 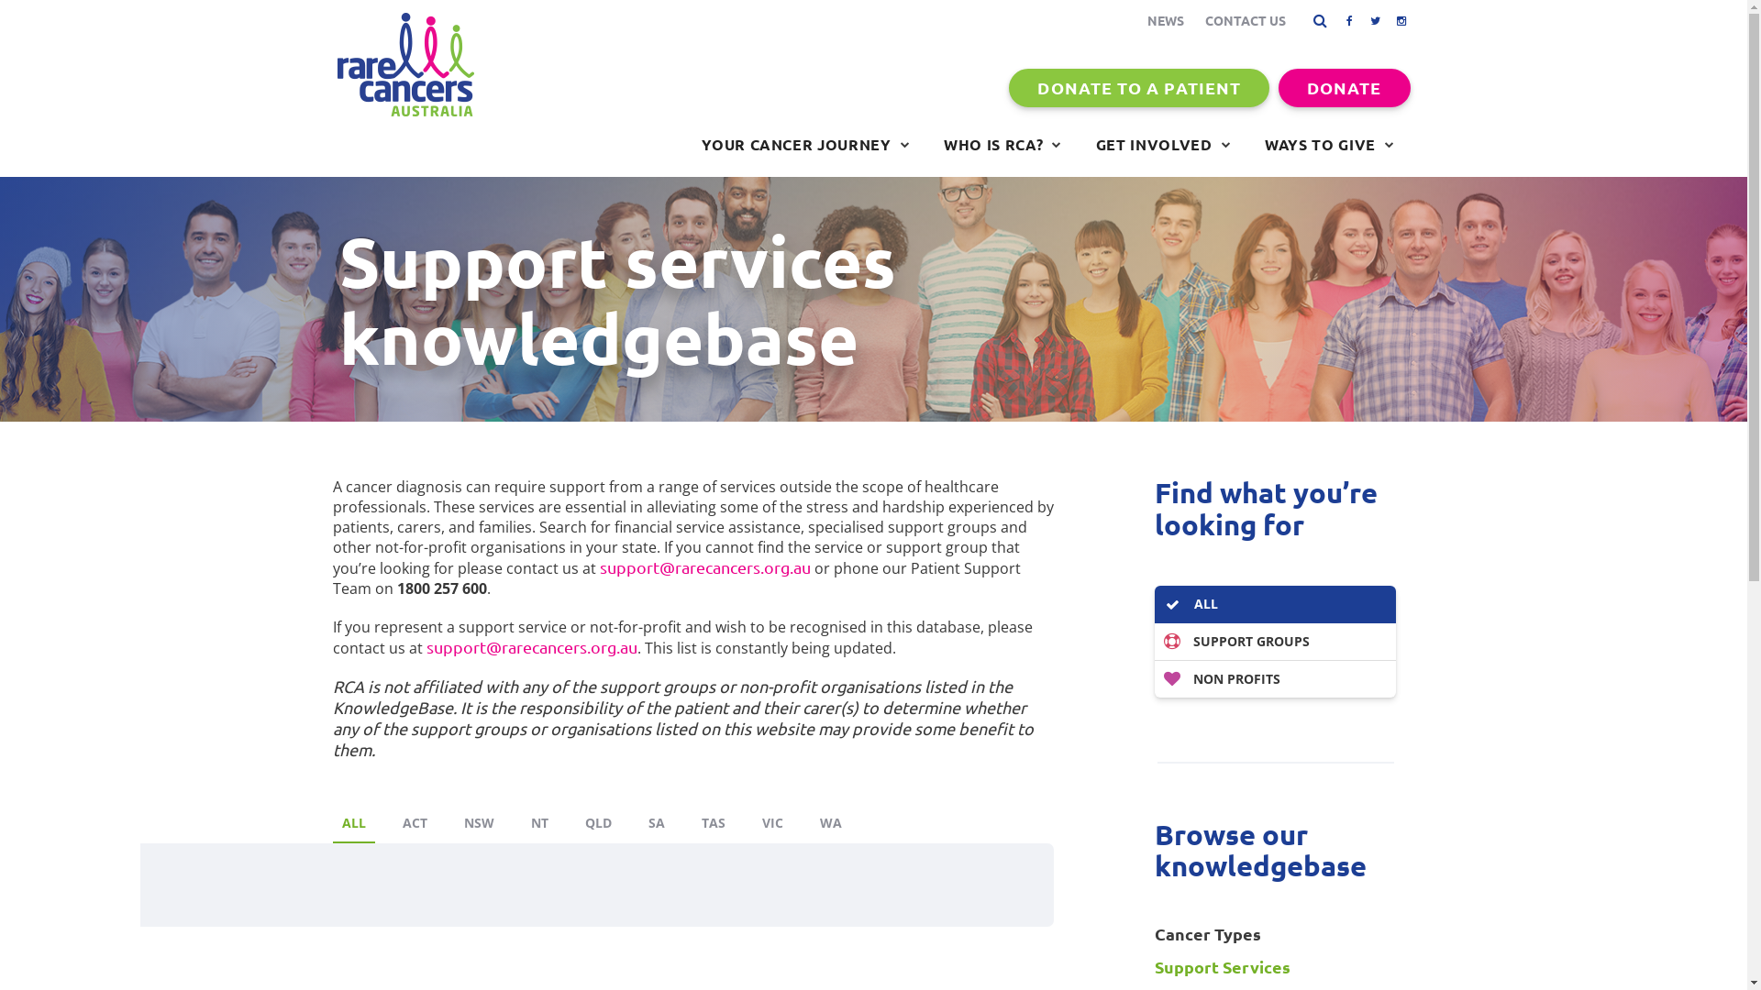 I want to click on 'QLD', so click(x=598, y=823).